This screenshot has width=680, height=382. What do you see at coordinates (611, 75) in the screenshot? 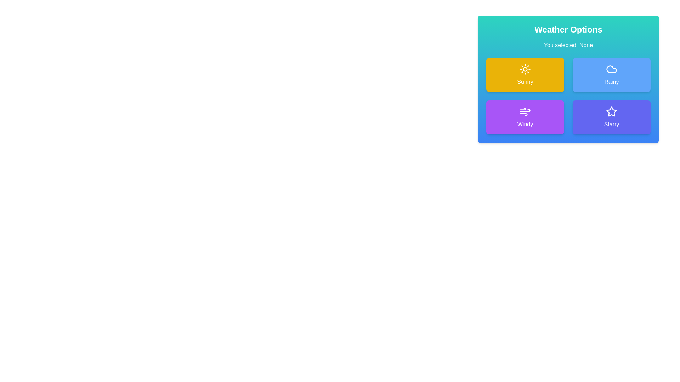
I see `the rectangular blue button with rounded corners labeled 'Rainy', which has a cloud icon above the text` at bounding box center [611, 75].